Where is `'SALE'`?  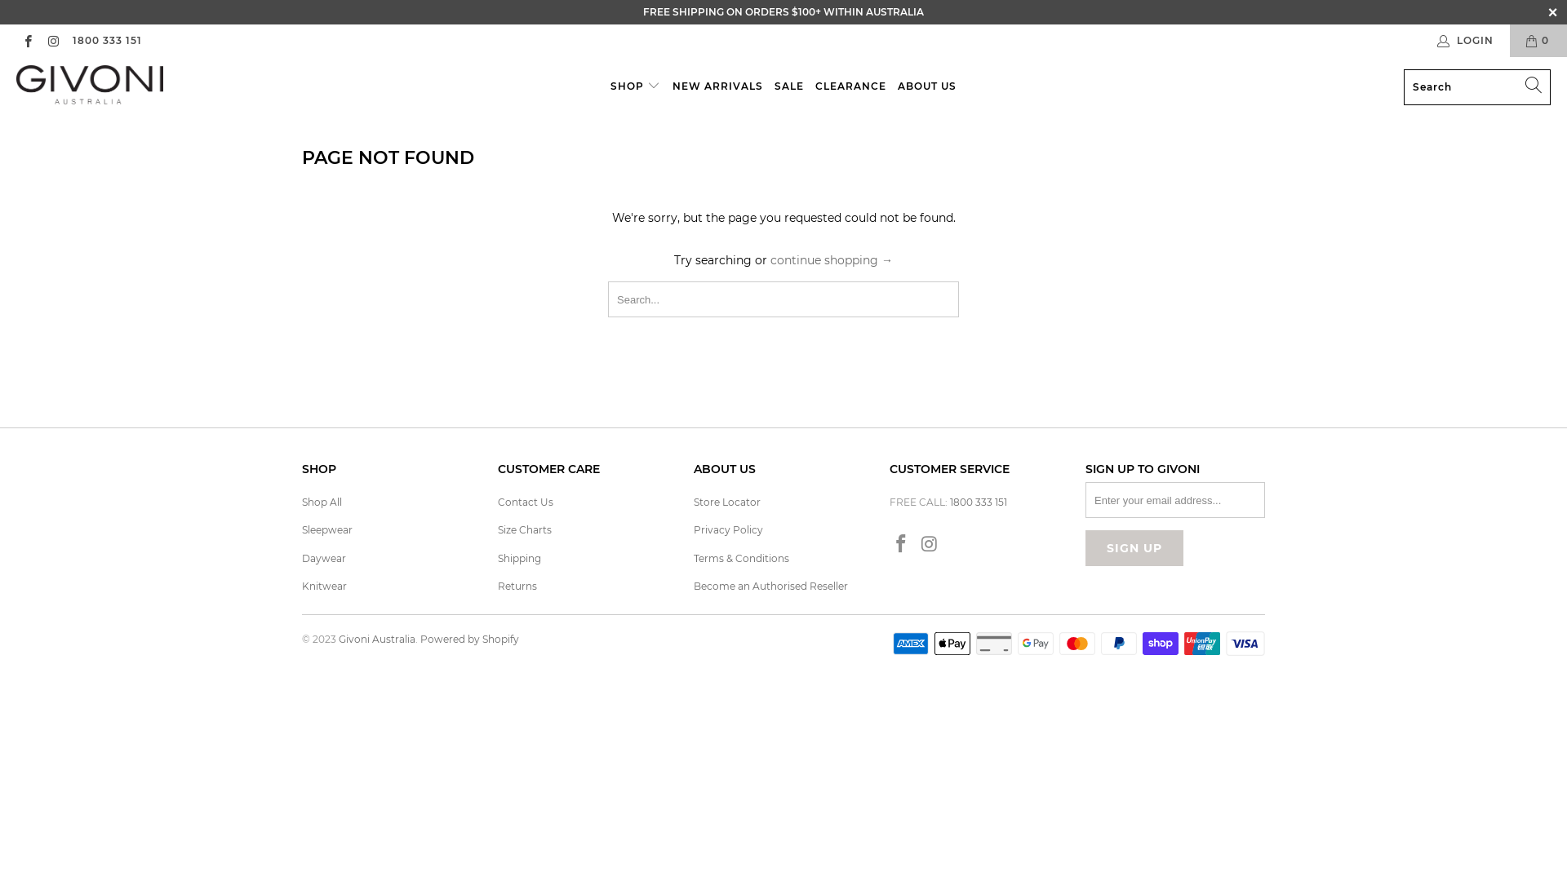 'SALE' is located at coordinates (788, 86).